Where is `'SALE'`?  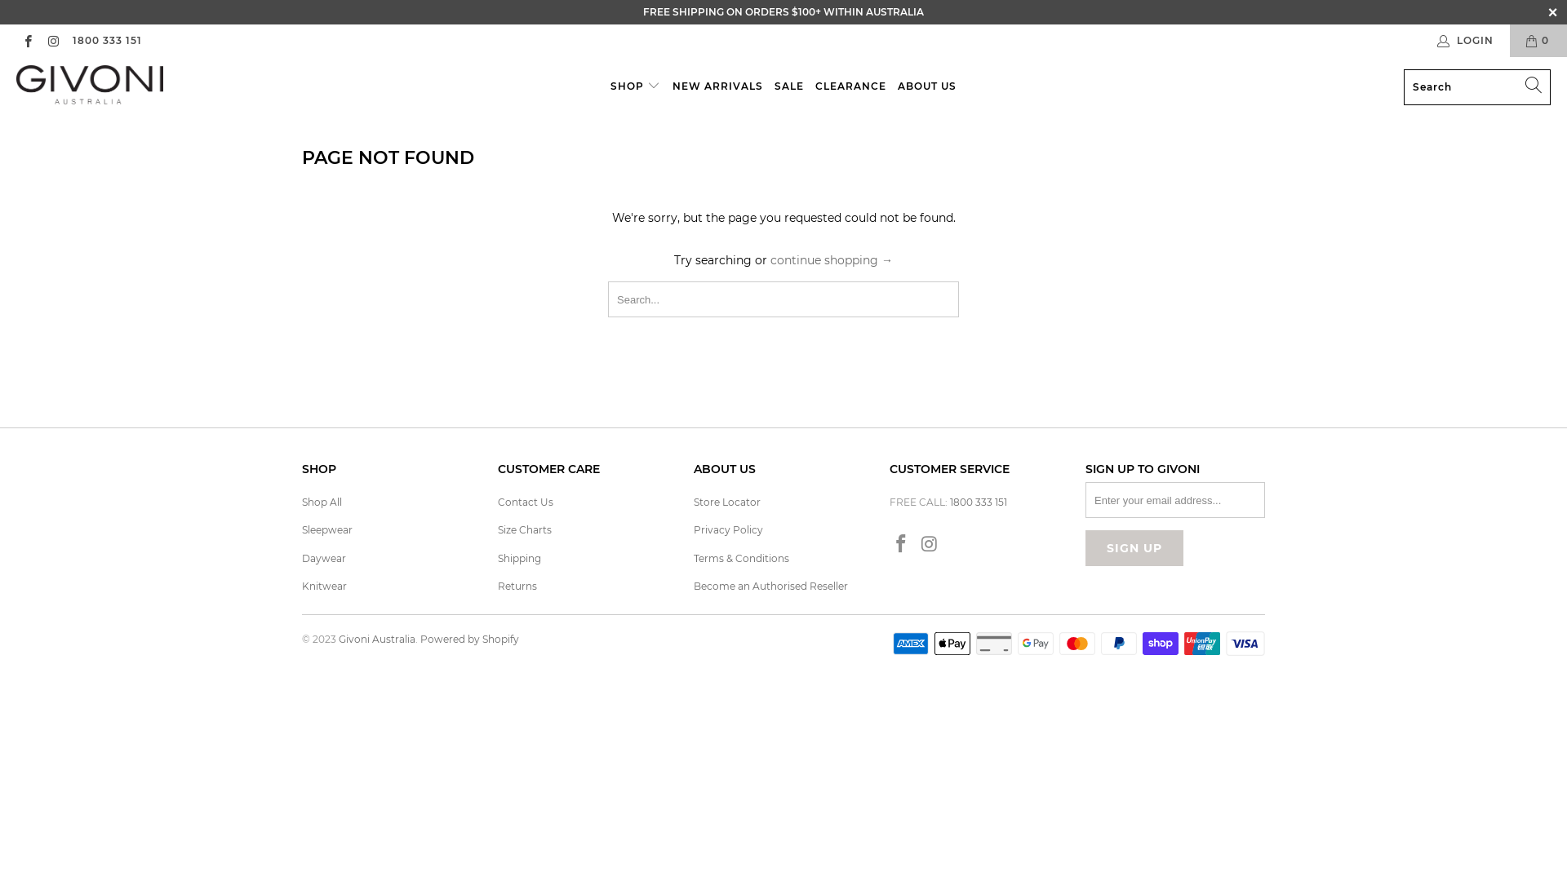 'SALE' is located at coordinates (788, 86).